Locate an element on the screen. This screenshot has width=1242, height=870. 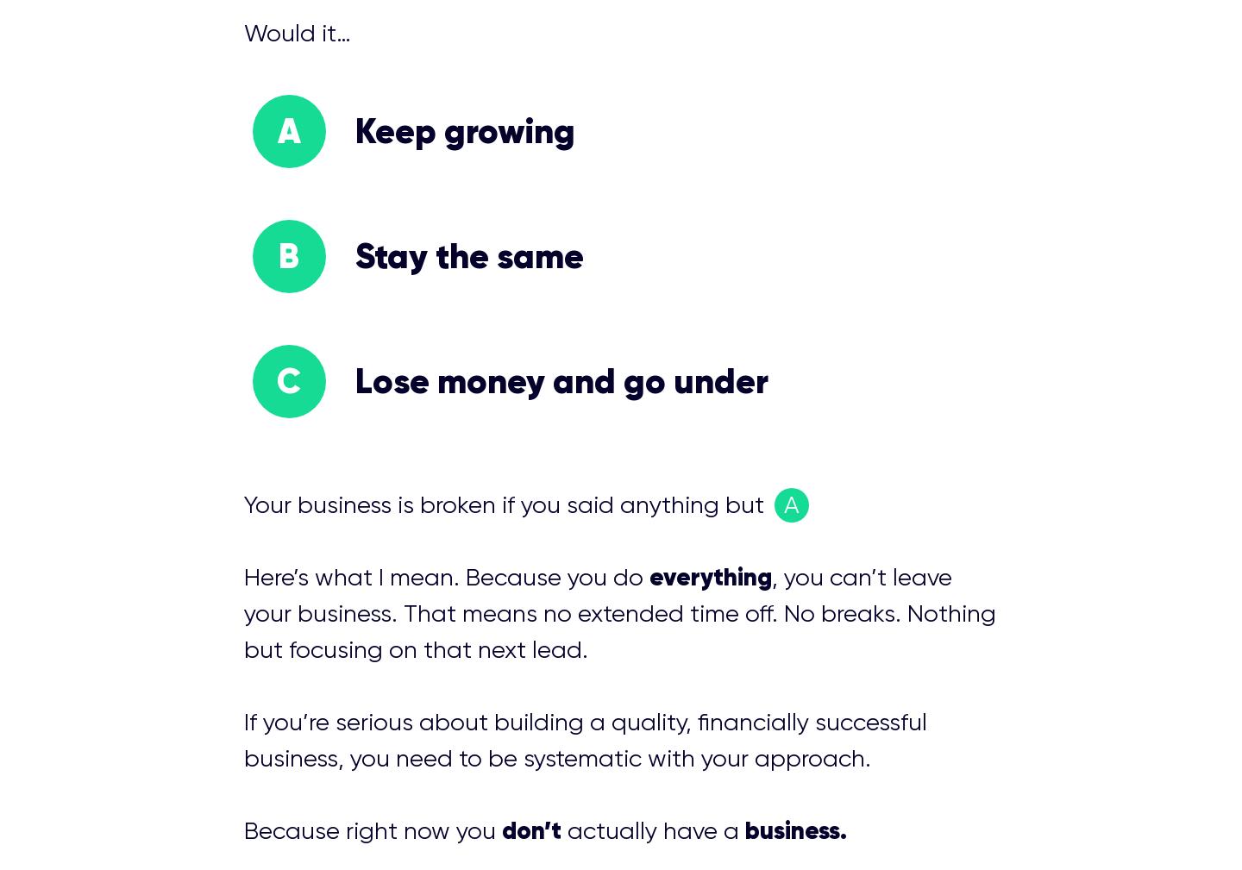
'Would it…' is located at coordinates (297, 32).